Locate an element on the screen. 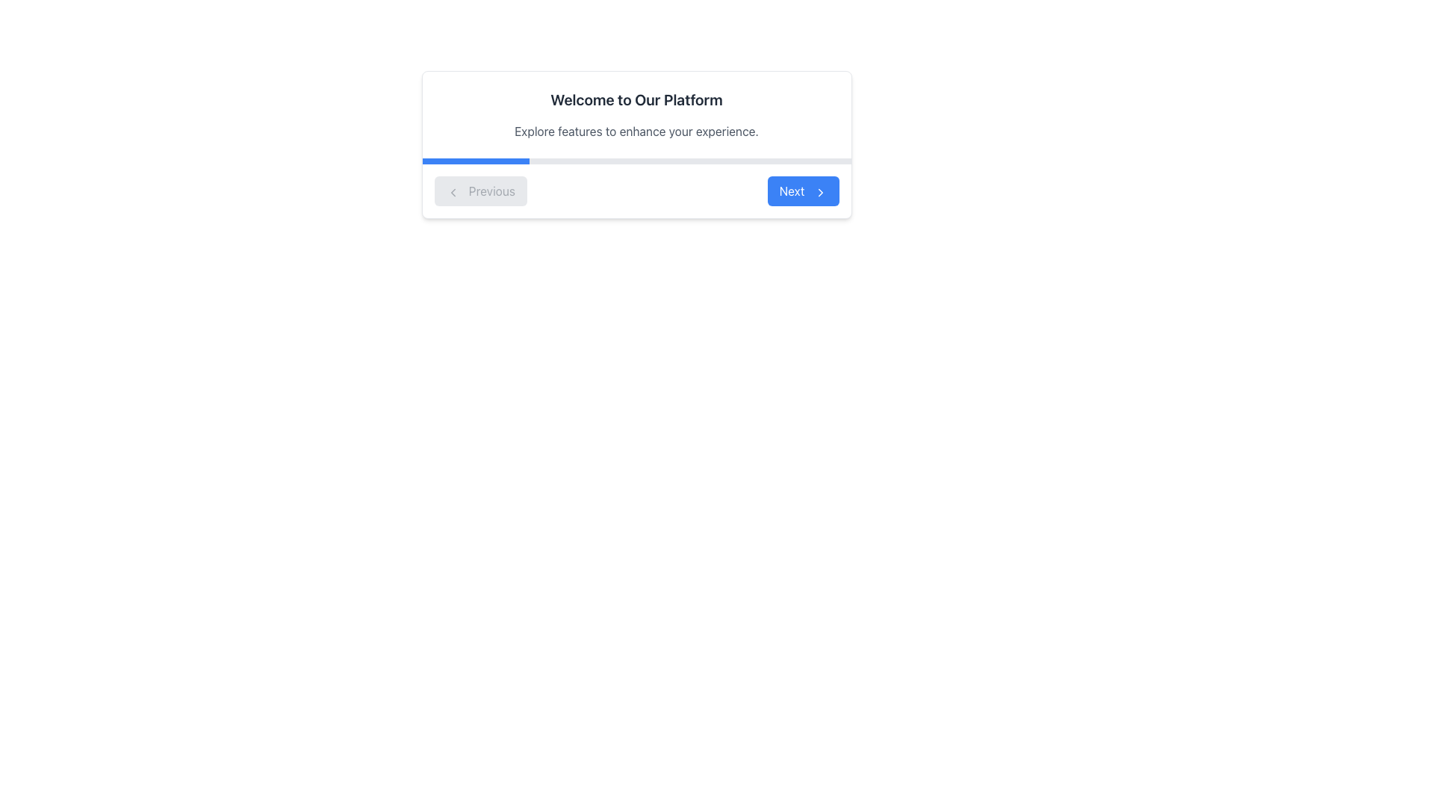 The width and height of the screenshot is (1434, 807). the progress bar located beneath the title 'Welcome to Our Platform' and above the buttons 'Previous' and 'Next' is located at coordinates (636, 161).